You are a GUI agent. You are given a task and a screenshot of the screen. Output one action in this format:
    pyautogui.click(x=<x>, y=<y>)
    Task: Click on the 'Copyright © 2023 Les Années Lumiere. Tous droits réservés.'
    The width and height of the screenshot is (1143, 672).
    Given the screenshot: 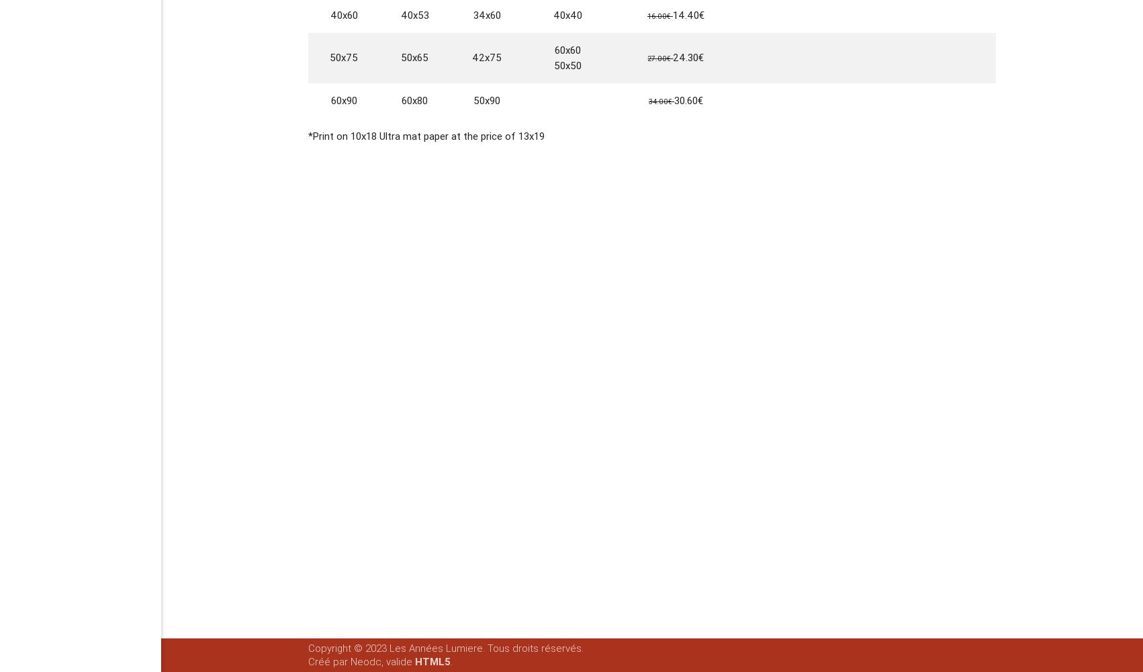 What is the action you would take?
    pyautogui.click(x=445, y=648)
    